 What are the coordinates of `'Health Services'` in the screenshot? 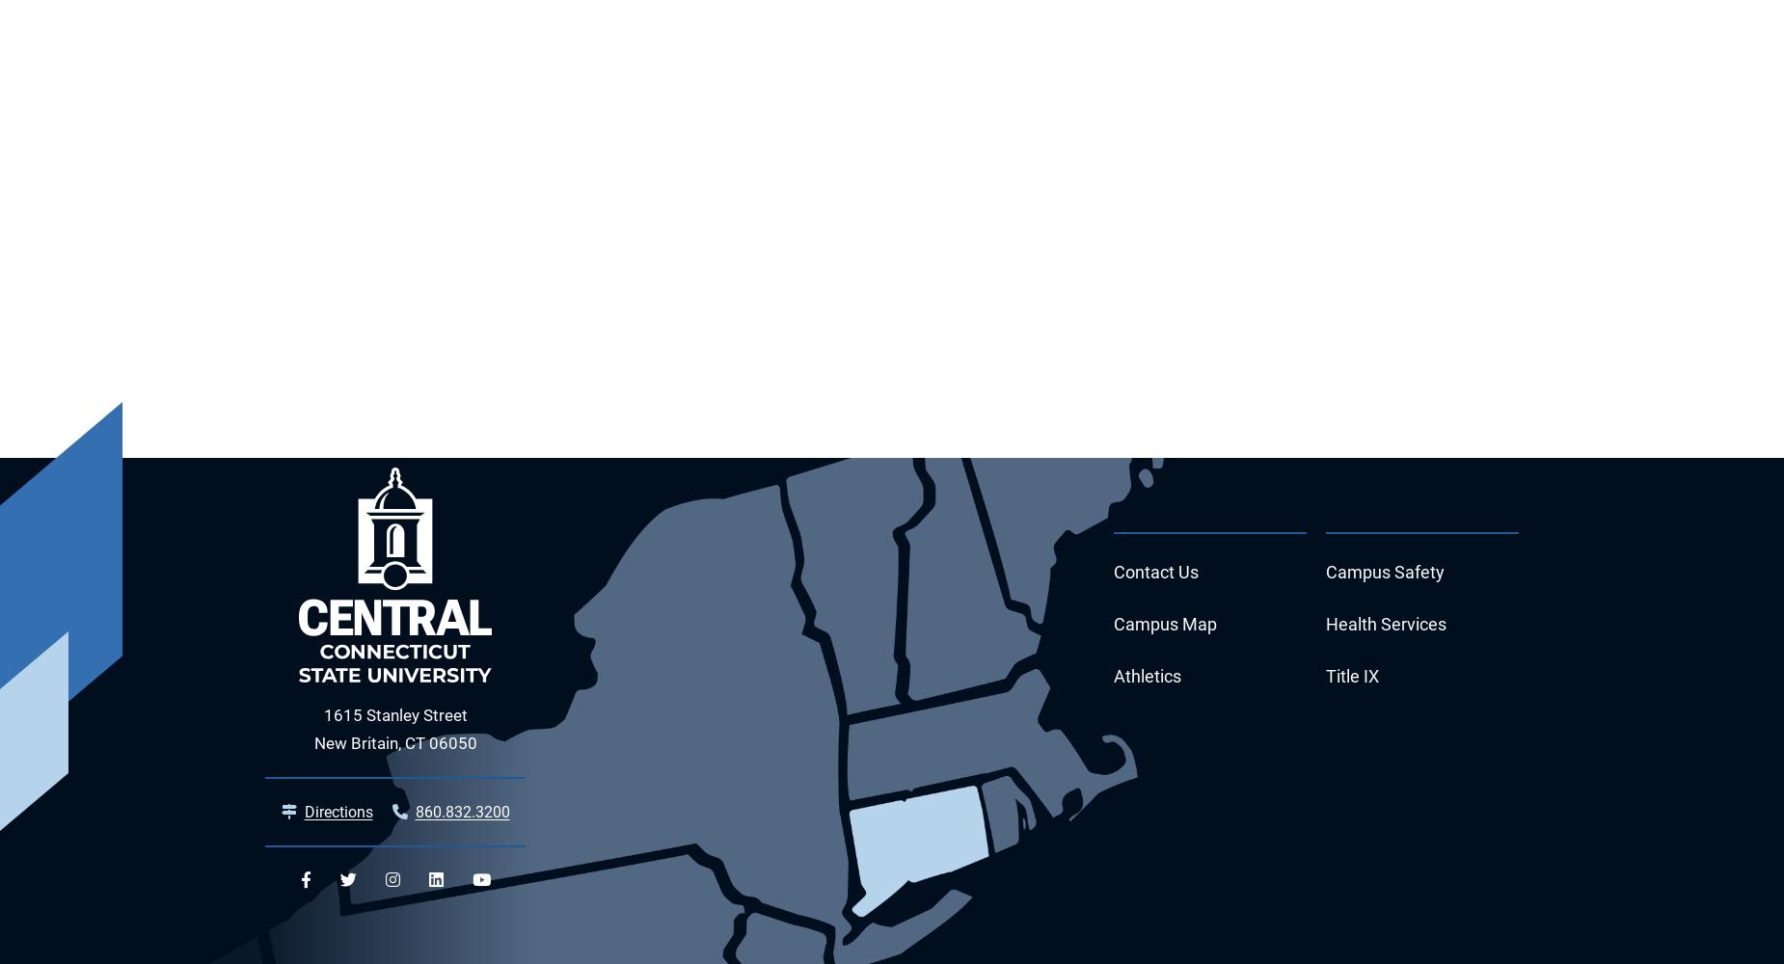 It's located at (1386, 623).